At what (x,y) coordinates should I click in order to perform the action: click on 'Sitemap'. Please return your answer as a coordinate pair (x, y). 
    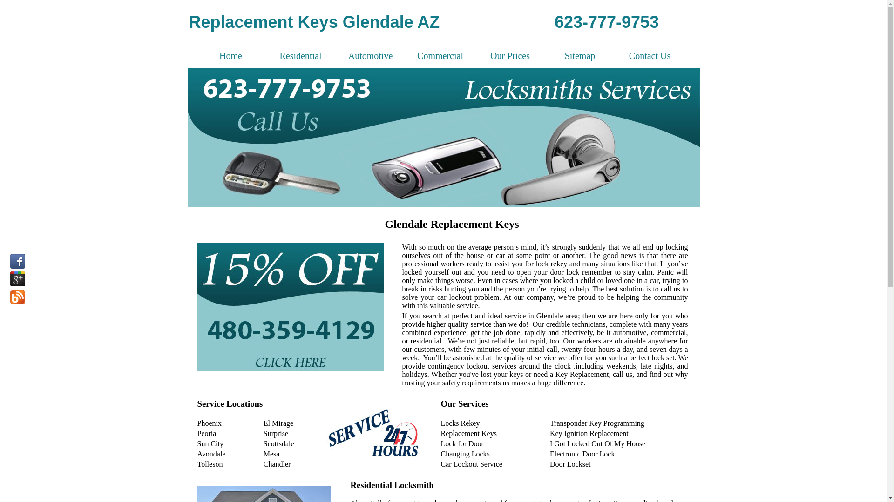
    Looking at the image, I should click on (580, 56).